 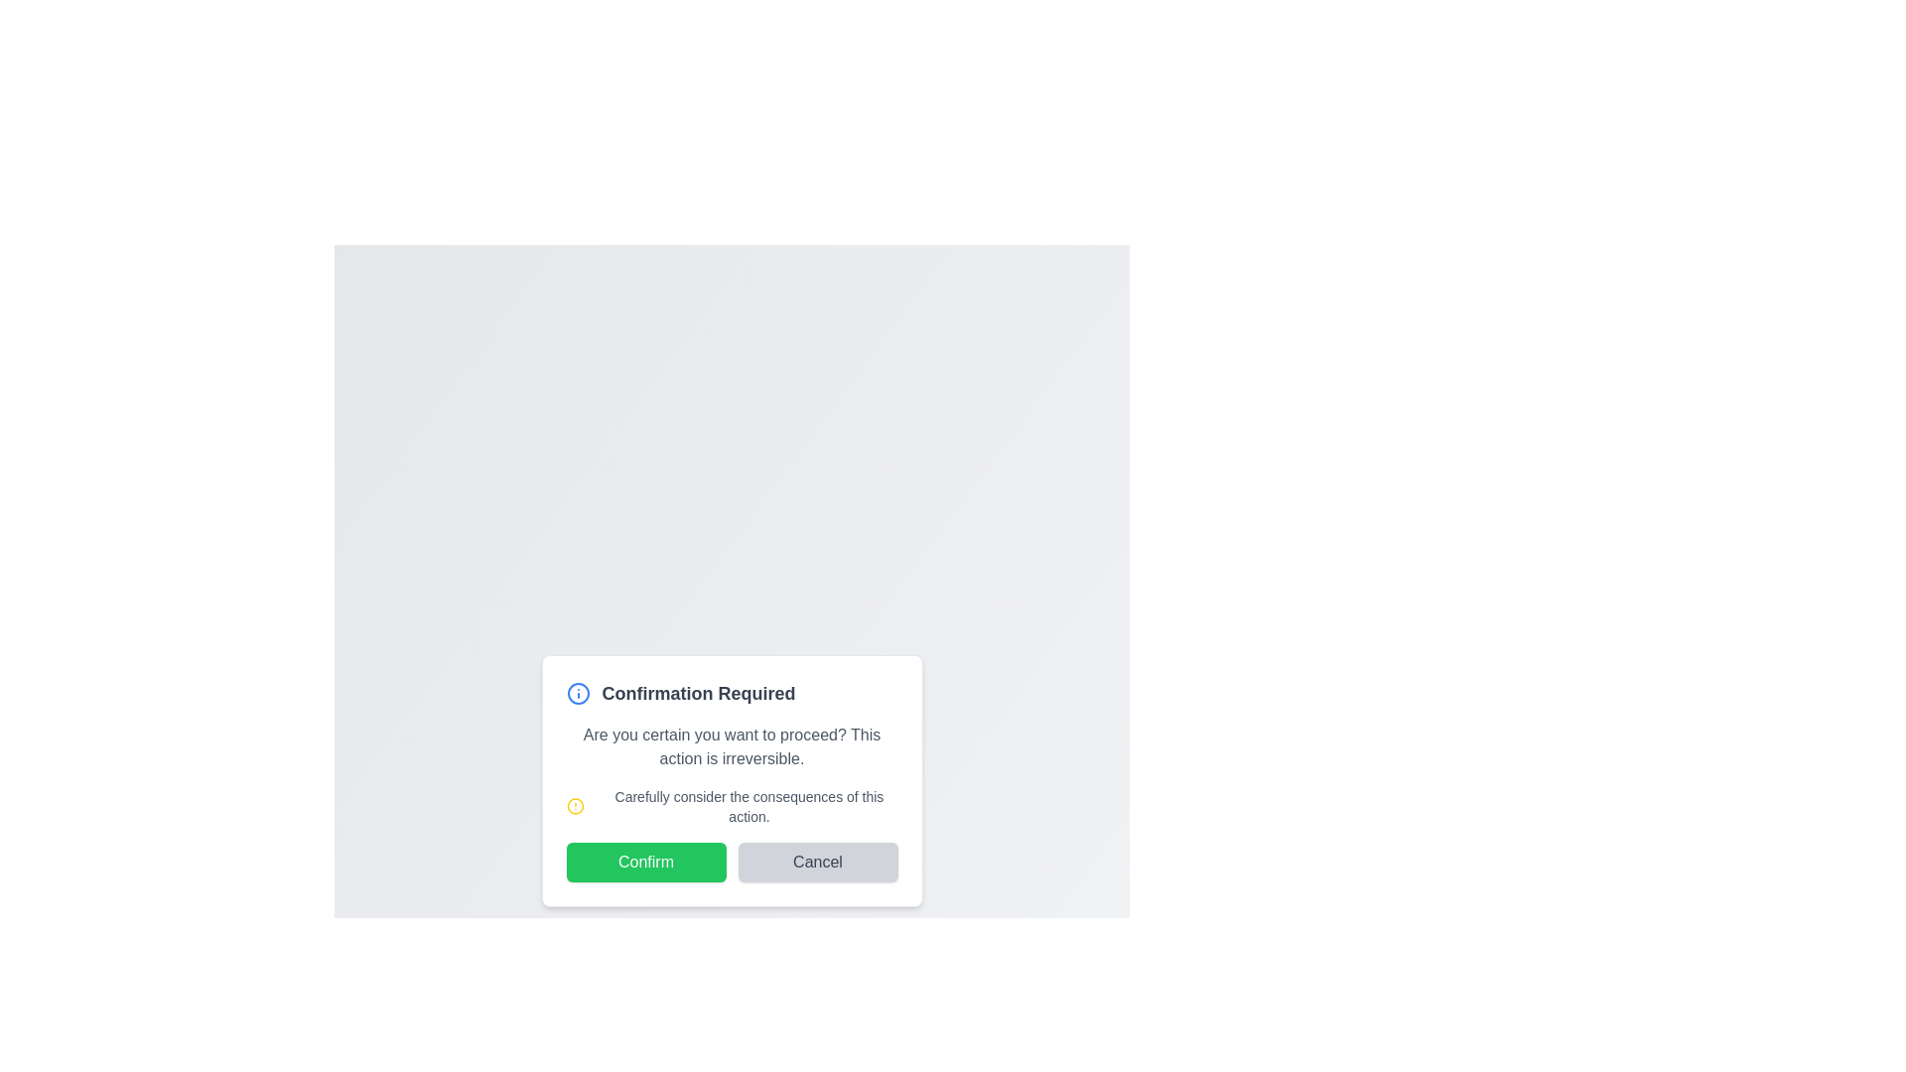 I want to click on the third instructional text within the confirmation dialog box that emphasizes caution before taking an irreversible action, so click(x=731, y=807).